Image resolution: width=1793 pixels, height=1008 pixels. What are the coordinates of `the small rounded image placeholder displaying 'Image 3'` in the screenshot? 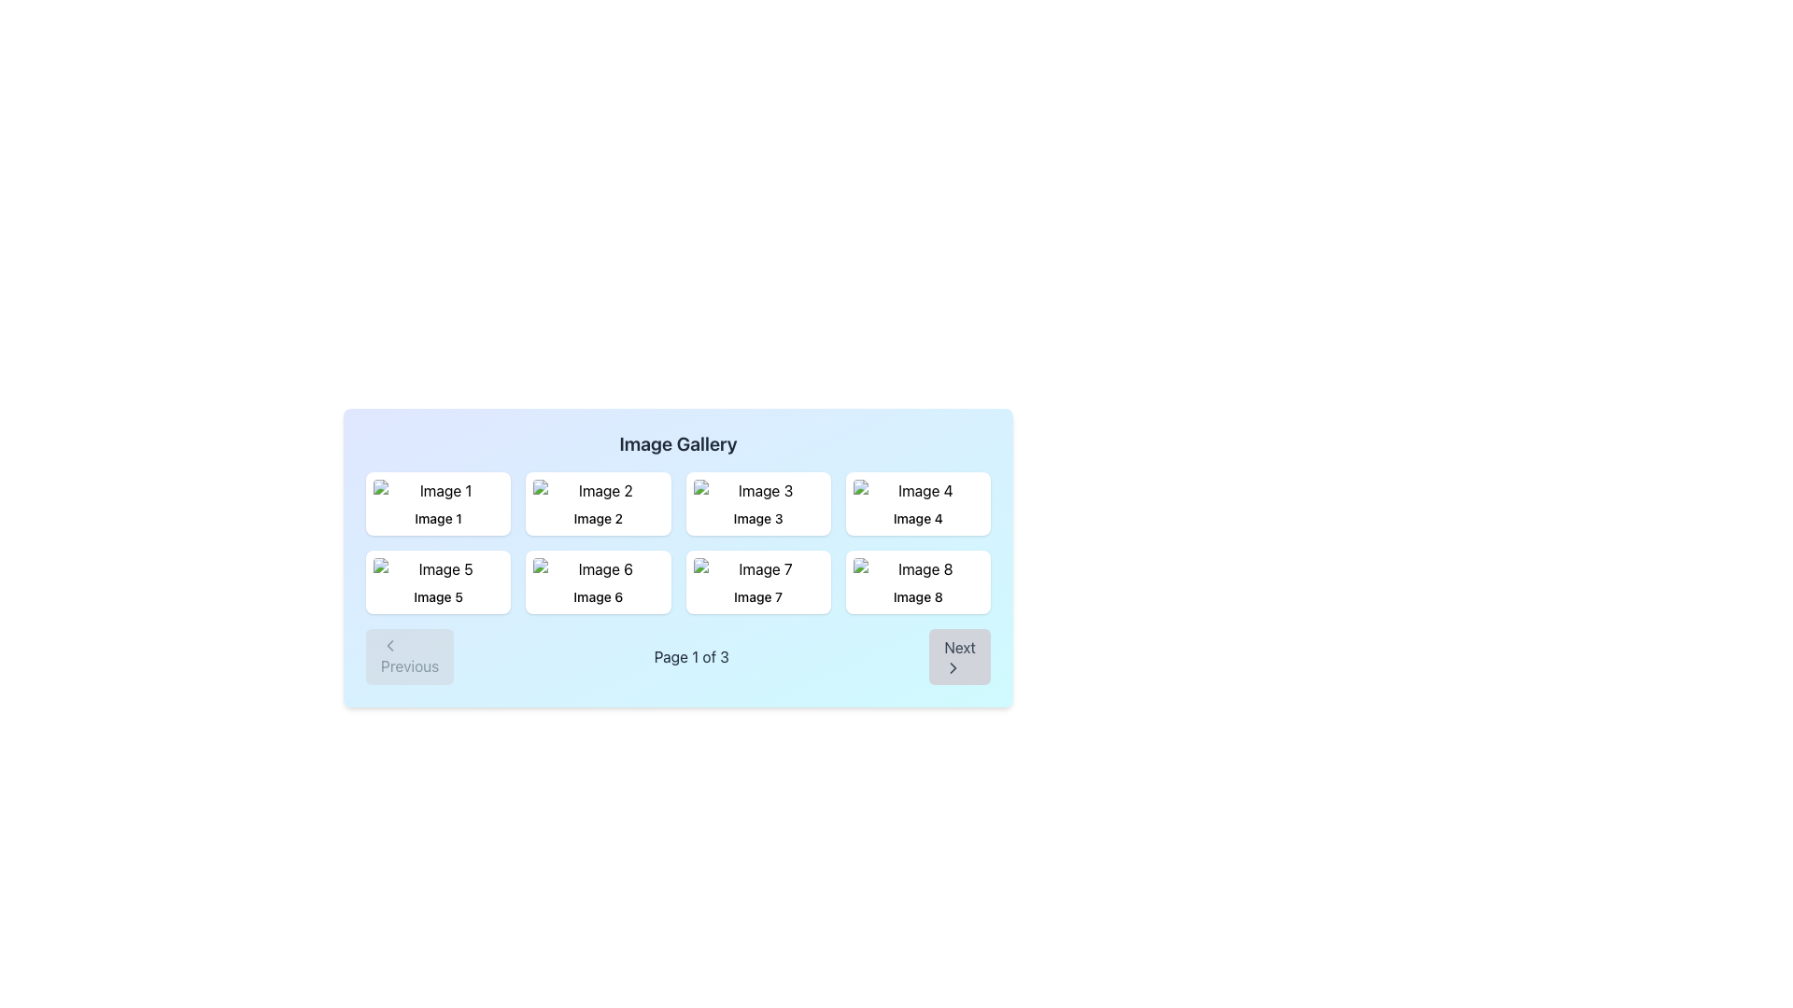 It's located at (757, 489).